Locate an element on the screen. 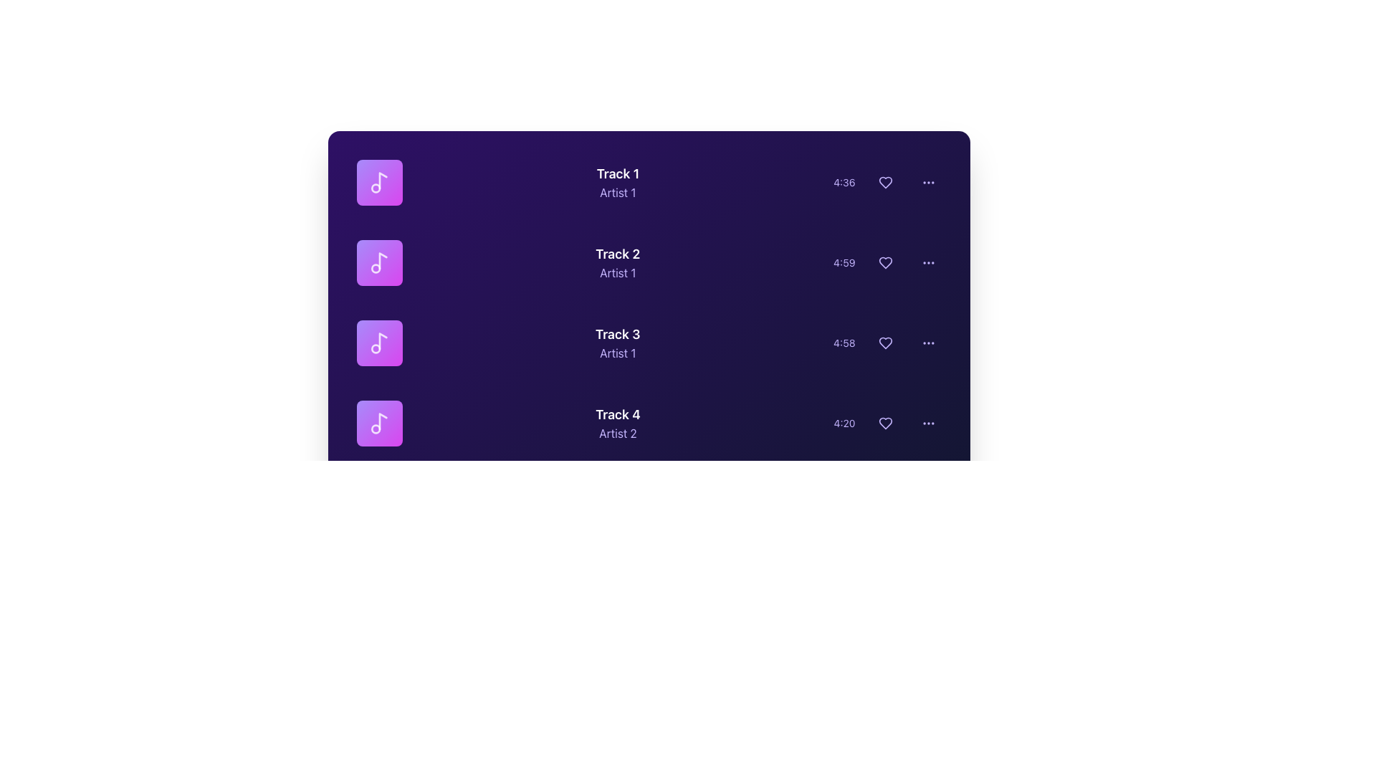 The height and width of the screenshot is (774, 1376). the Text element representing the third entry in the vertical list, which displays the details of a music track between 'Track 2' and 'Track 4' is located at coordinates (618, 343).